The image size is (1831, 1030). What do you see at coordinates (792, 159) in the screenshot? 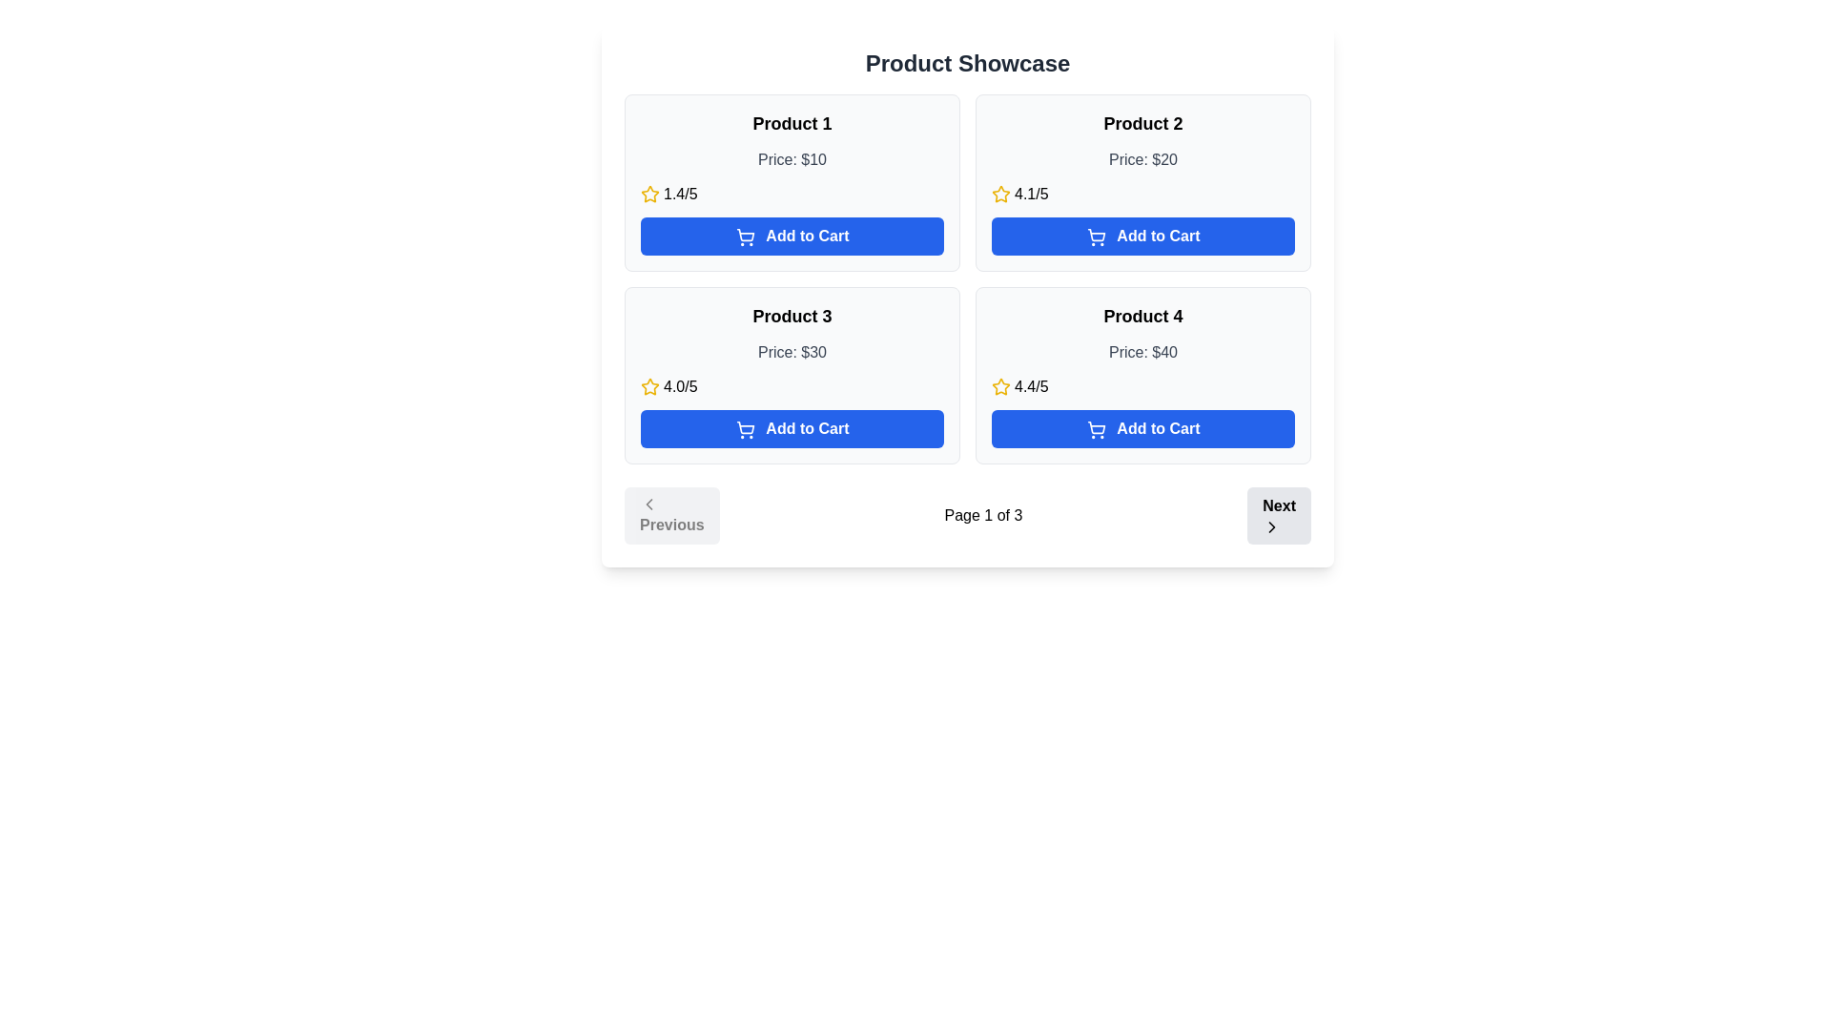
I see `the static text label displaying the price information for 'Product 1', which is located below the title and above the rating in the first product card` at bounding box center [792, 159].